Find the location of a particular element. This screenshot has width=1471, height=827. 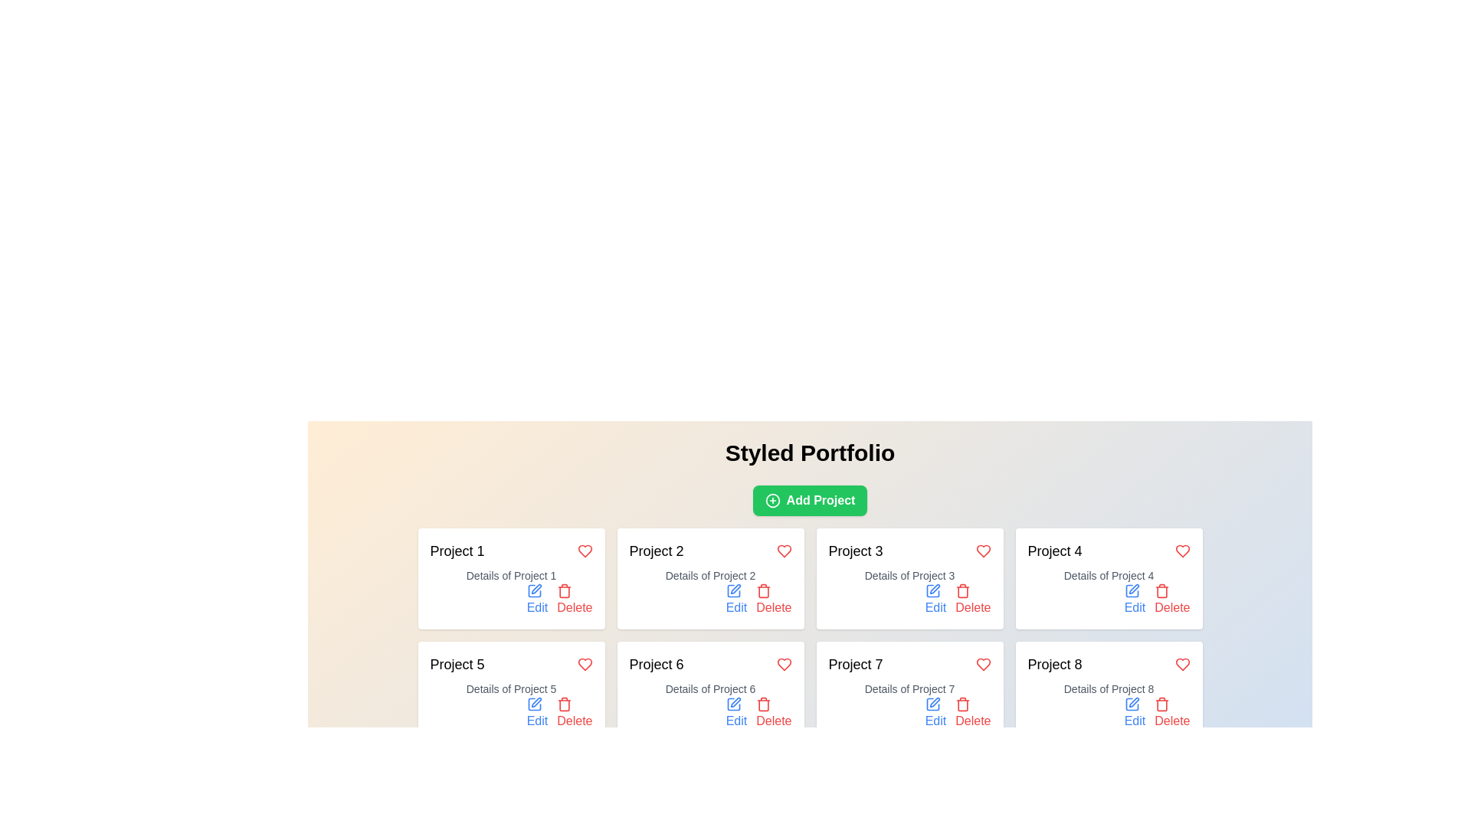

the 'Edit' button located at the bottom-right corner of the 'Project 5' card to change its color is located at coordinates (537, 714).